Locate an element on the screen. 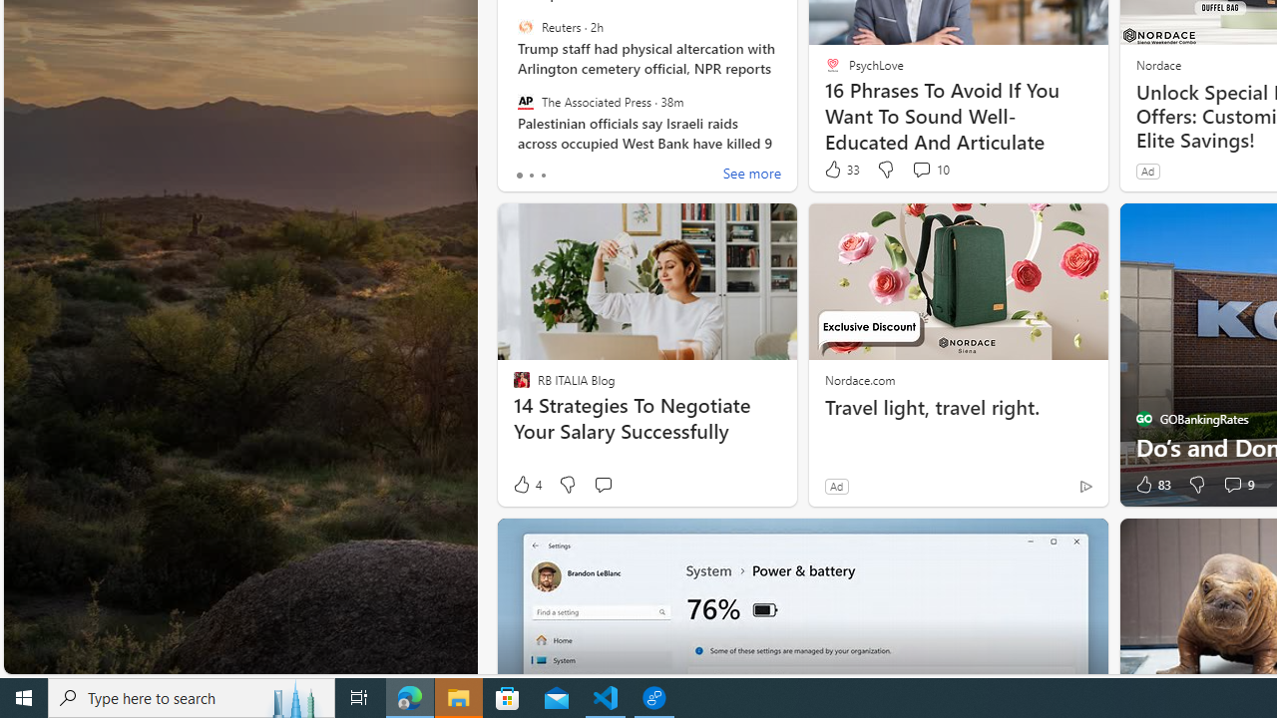 The width and height of the screenshot is (1277, 718). 'Travel light, travel right.' is located at coordinates (958, 406).